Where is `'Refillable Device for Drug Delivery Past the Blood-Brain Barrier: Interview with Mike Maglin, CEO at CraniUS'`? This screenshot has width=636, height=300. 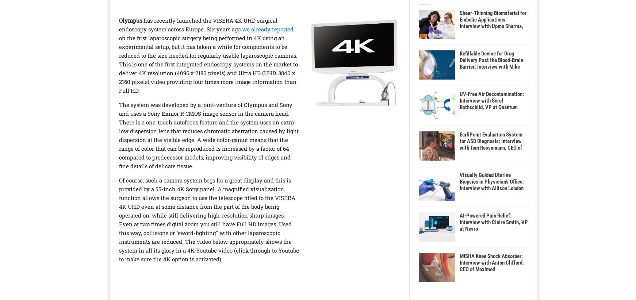 'Refillable Device for Drug Delivery Past the Blood-Brain Barrier: Interview with Mike Maglin, CEO at CraniUS' is located at coordinates (491, 63).